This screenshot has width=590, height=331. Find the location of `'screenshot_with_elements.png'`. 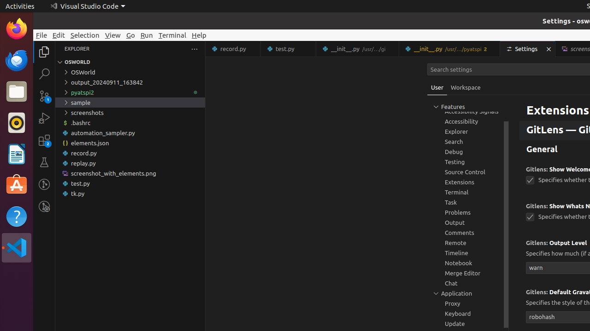

'screenshot_with_elements.png' is located at coordinates (130, 173).